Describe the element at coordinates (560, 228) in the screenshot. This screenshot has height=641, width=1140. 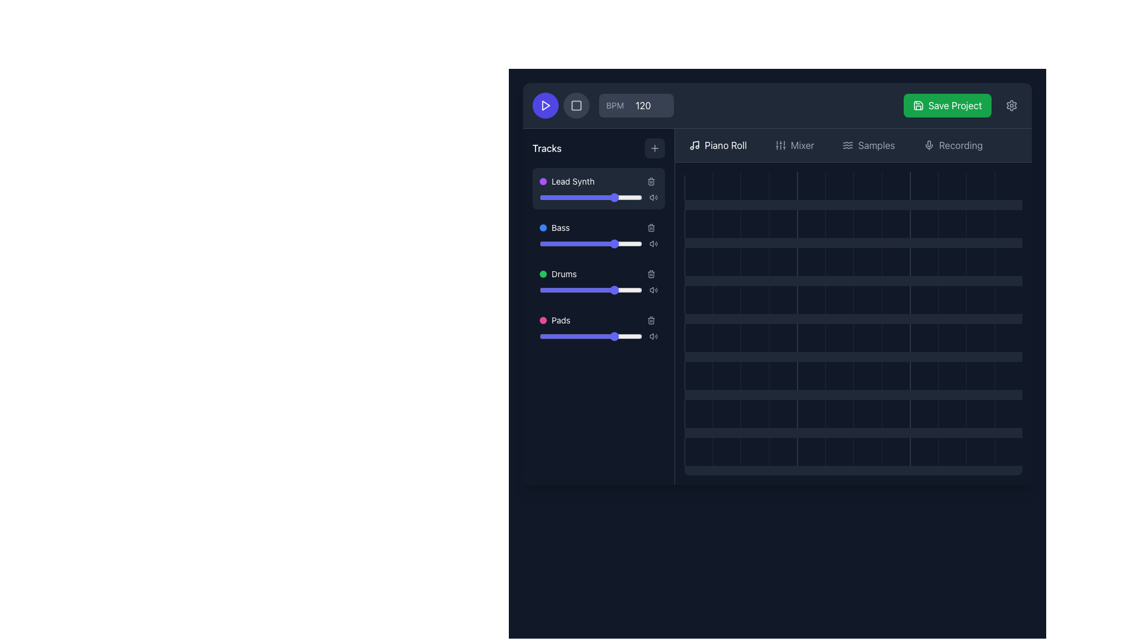
I see `the label for the musical track named 'Bass', which is the second item in a vertical list of musical track labels` at that location.